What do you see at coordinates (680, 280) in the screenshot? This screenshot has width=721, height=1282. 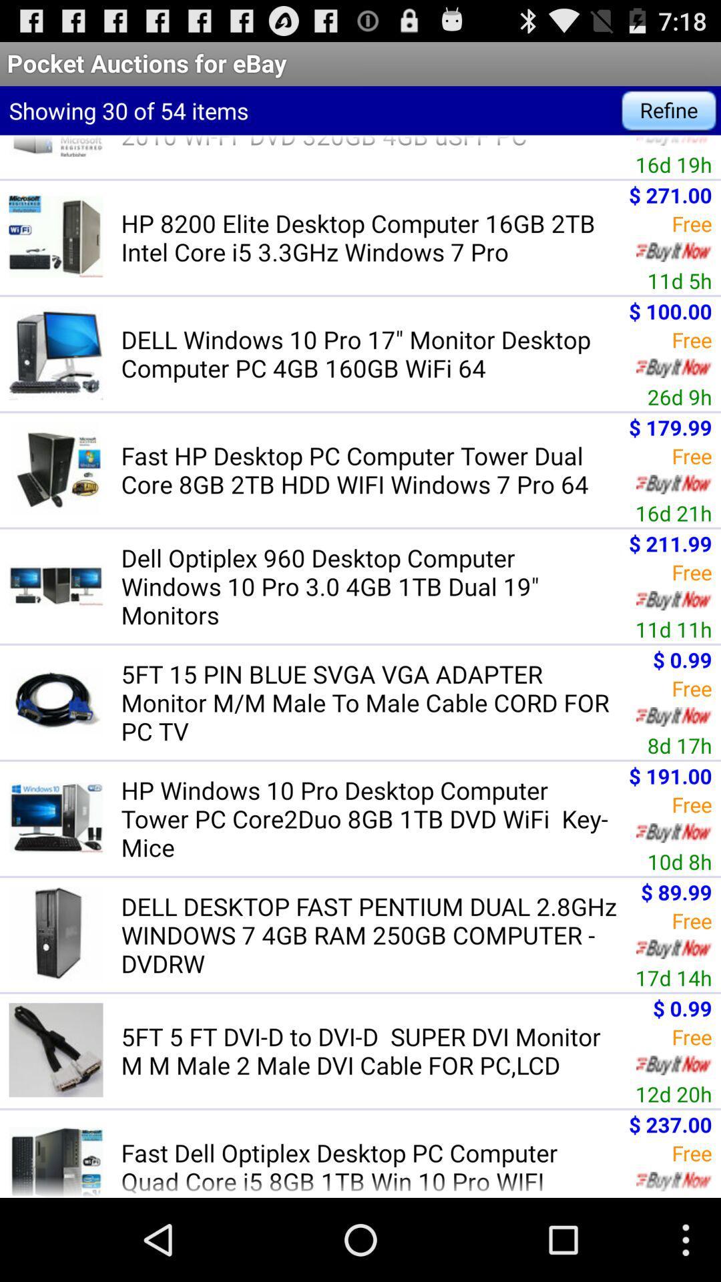 I see `icon next to the hp 8200 elite item` at bounding box center [680, 280].